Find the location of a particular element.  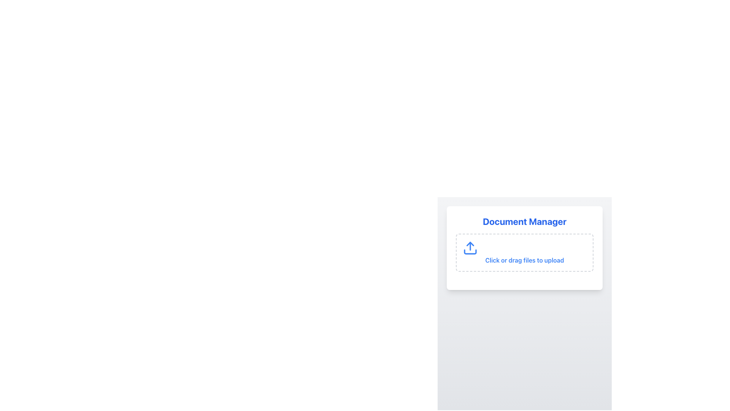

a file onto the clickable text element that serves as an upload trigger, located within a dashed border box, centered below an upload icon is located at coordinates (524, 252).